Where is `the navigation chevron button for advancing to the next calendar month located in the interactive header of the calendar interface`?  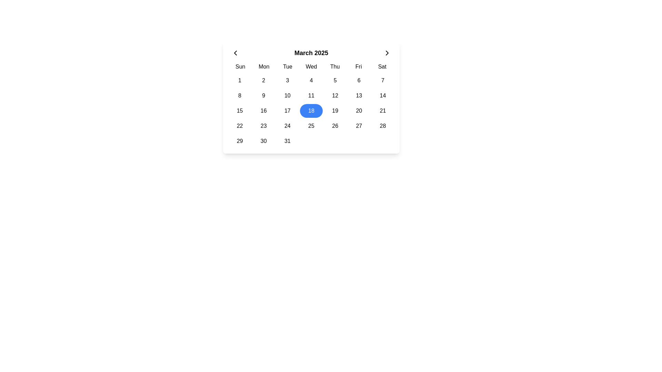 the navigation chevron button for advancing to the next calendar month located in the interactive header of the calendar interface is located at coordinates (387, 53).